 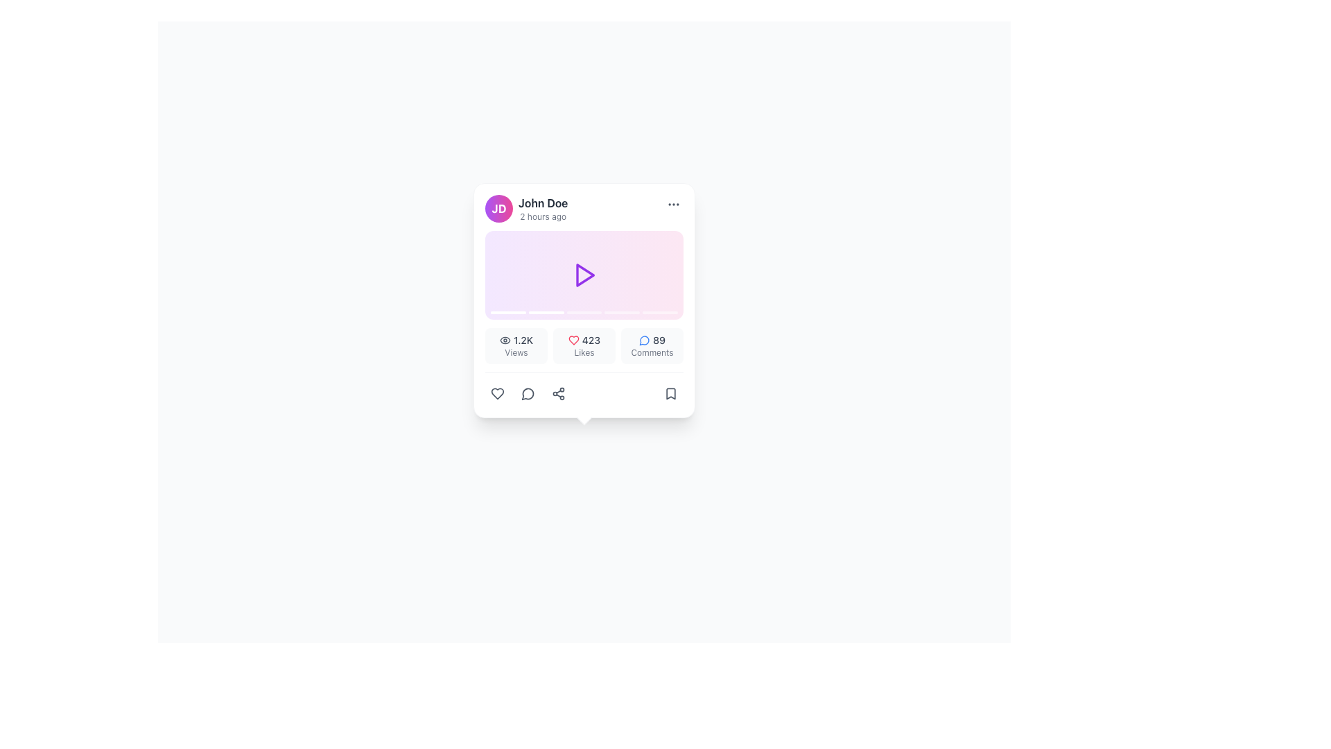 What do you see at coordinates (651, 340) in the screenshot?
I see `the text element displaying '89' in gray color, located in the 'Comments' section` at bounding box center [651, 340].